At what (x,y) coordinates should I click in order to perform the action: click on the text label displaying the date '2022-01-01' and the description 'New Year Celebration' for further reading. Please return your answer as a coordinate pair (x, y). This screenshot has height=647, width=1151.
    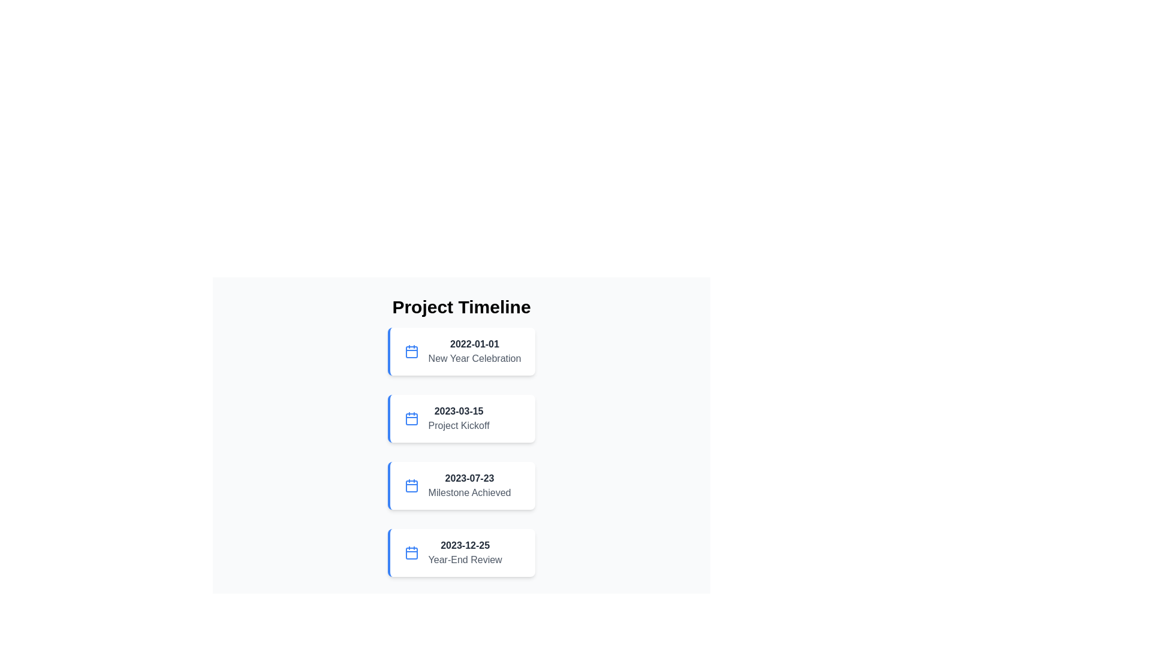
    Looking at the image, I should click on (474, 350).